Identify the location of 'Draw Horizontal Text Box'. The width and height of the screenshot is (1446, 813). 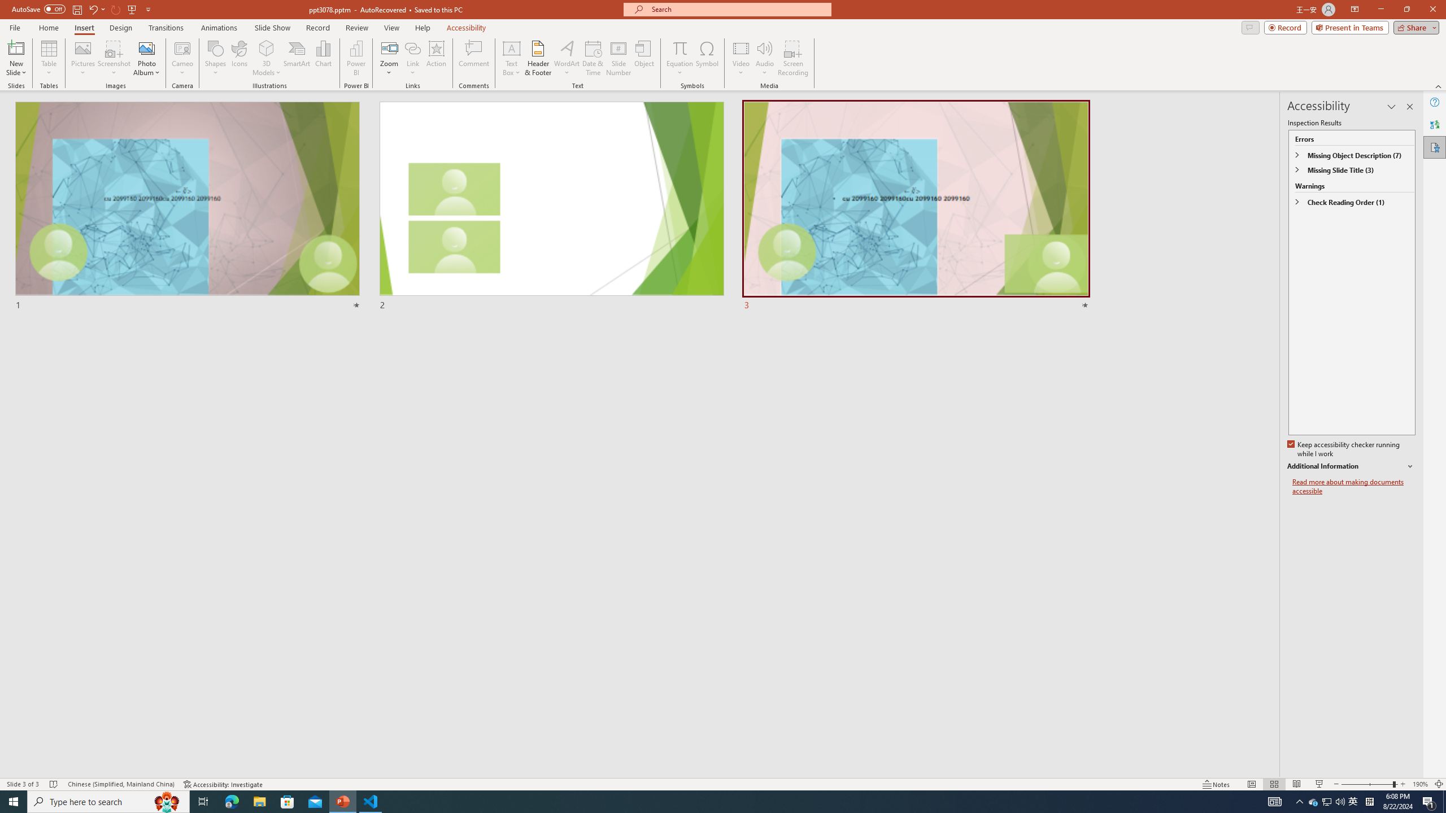
(511, 47).